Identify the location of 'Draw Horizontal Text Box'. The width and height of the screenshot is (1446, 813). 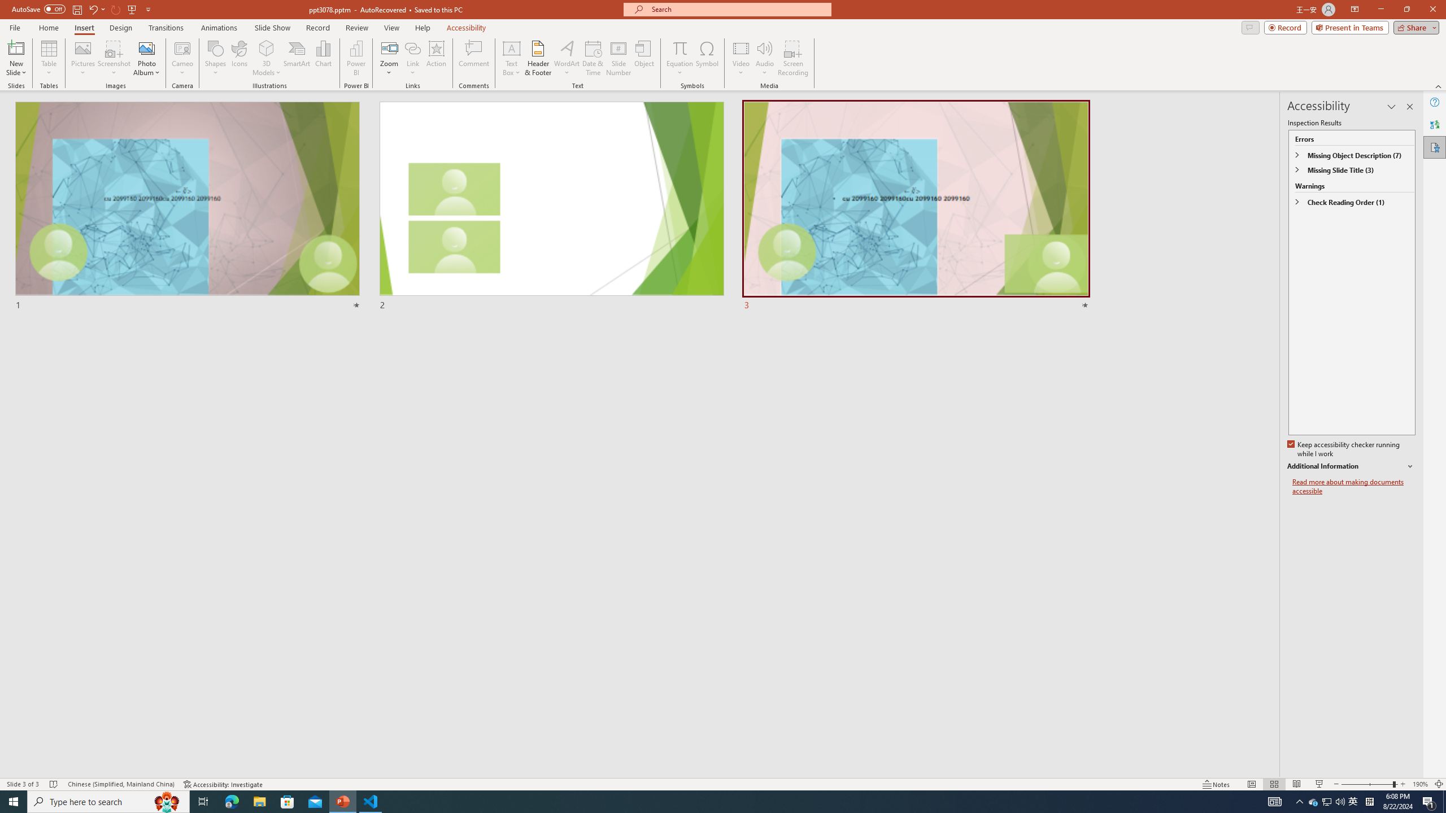
(511, 47).